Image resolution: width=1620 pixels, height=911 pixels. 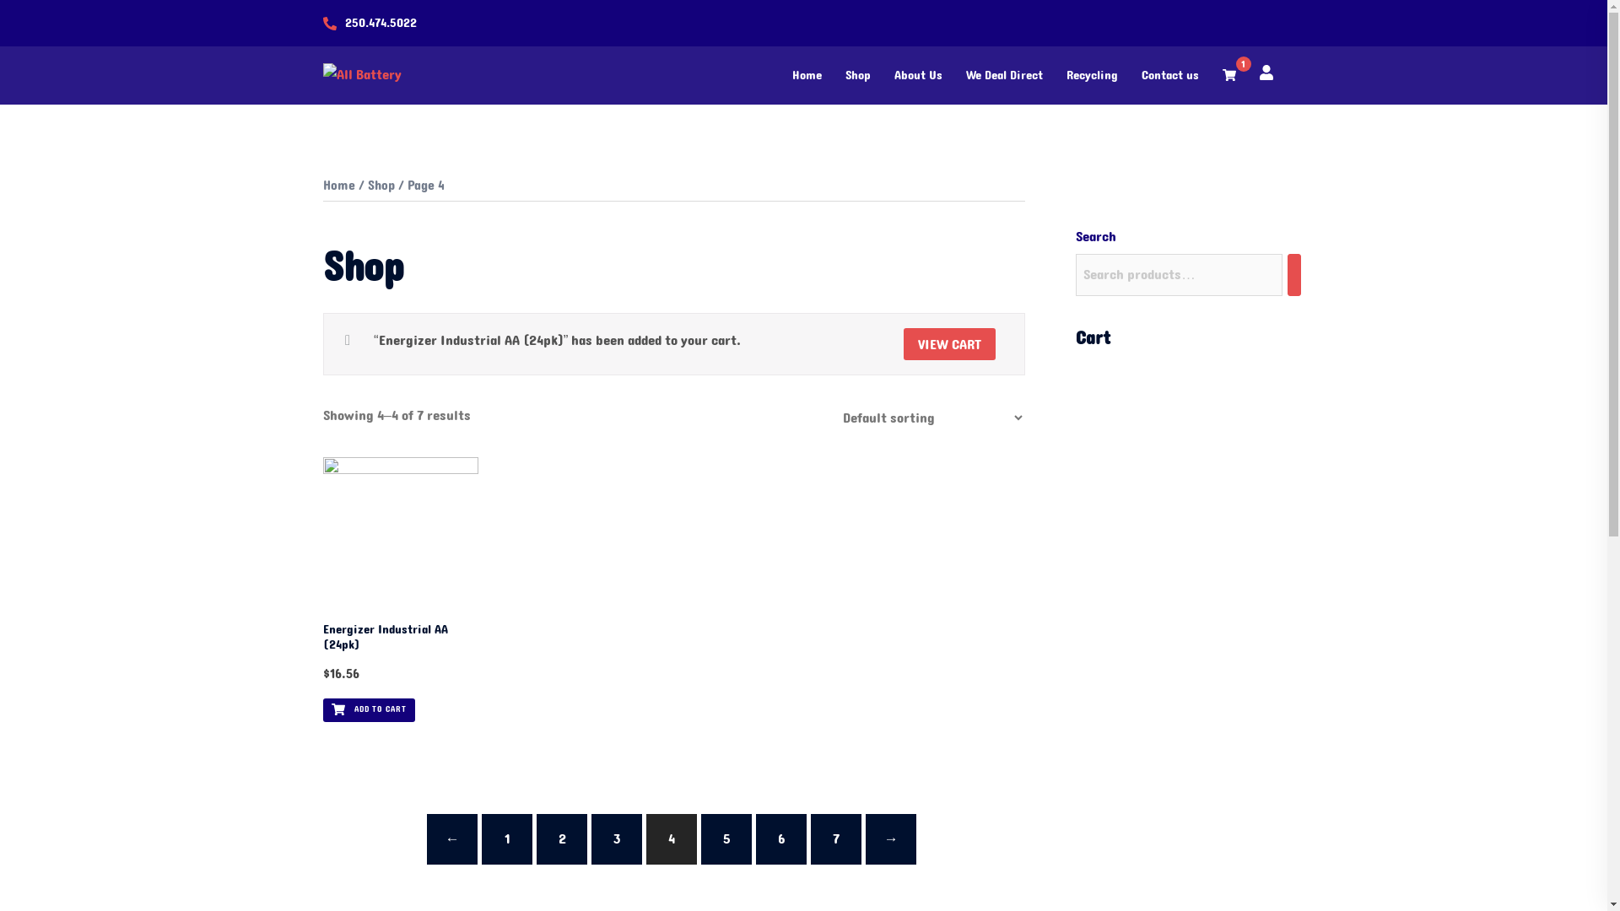 What do you see at coordinates (562, 839) in the screenshot?
I see `'2'` at bounding box center [562, 839].